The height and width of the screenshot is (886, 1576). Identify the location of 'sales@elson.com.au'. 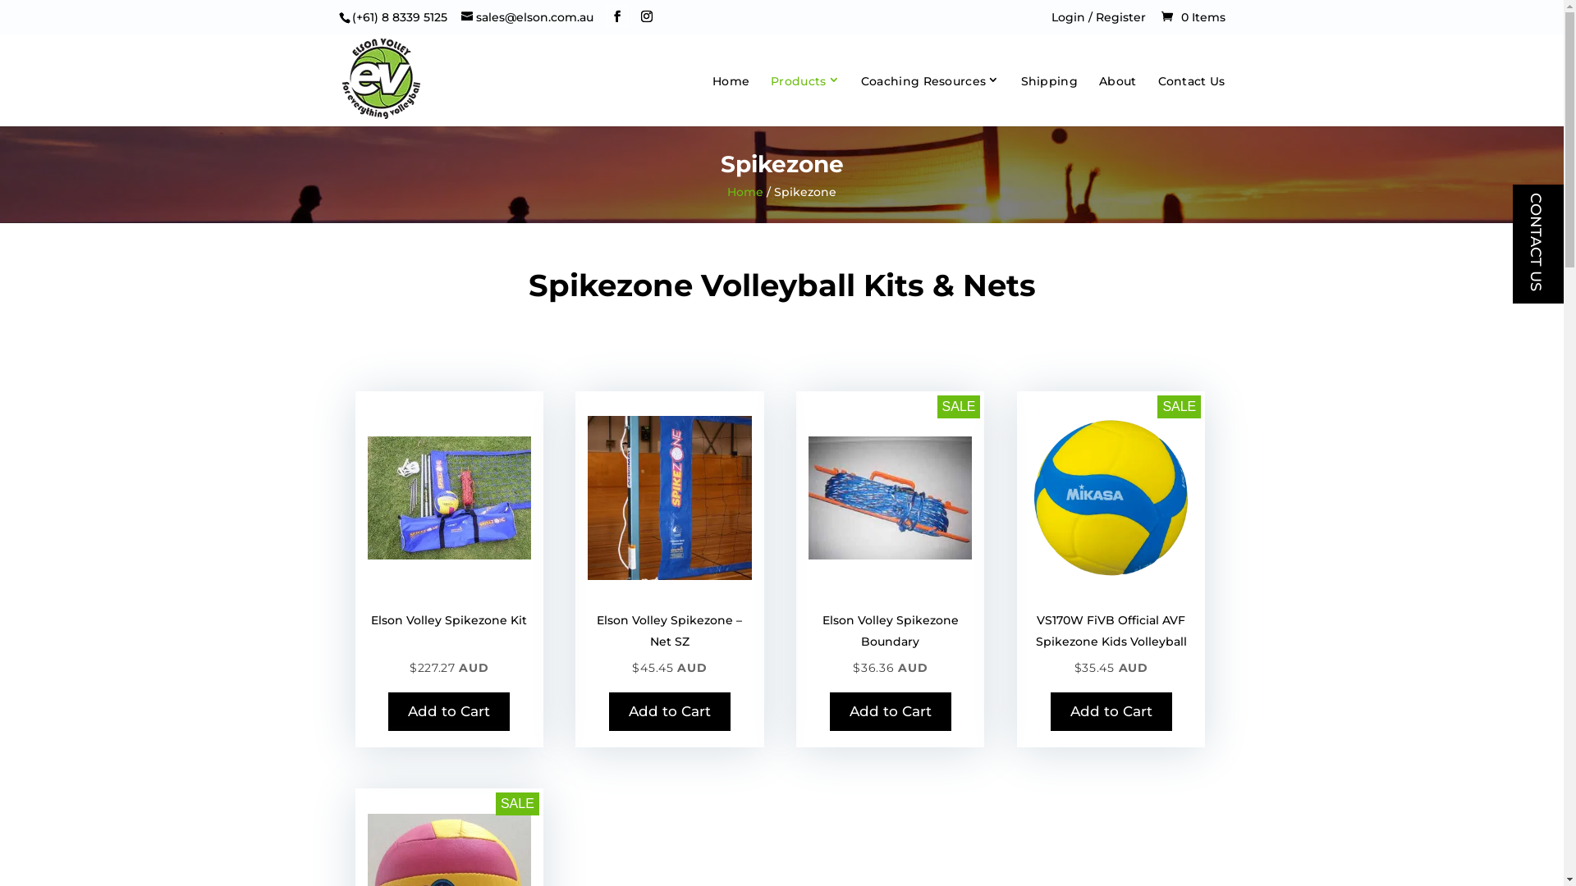
(527, 16).